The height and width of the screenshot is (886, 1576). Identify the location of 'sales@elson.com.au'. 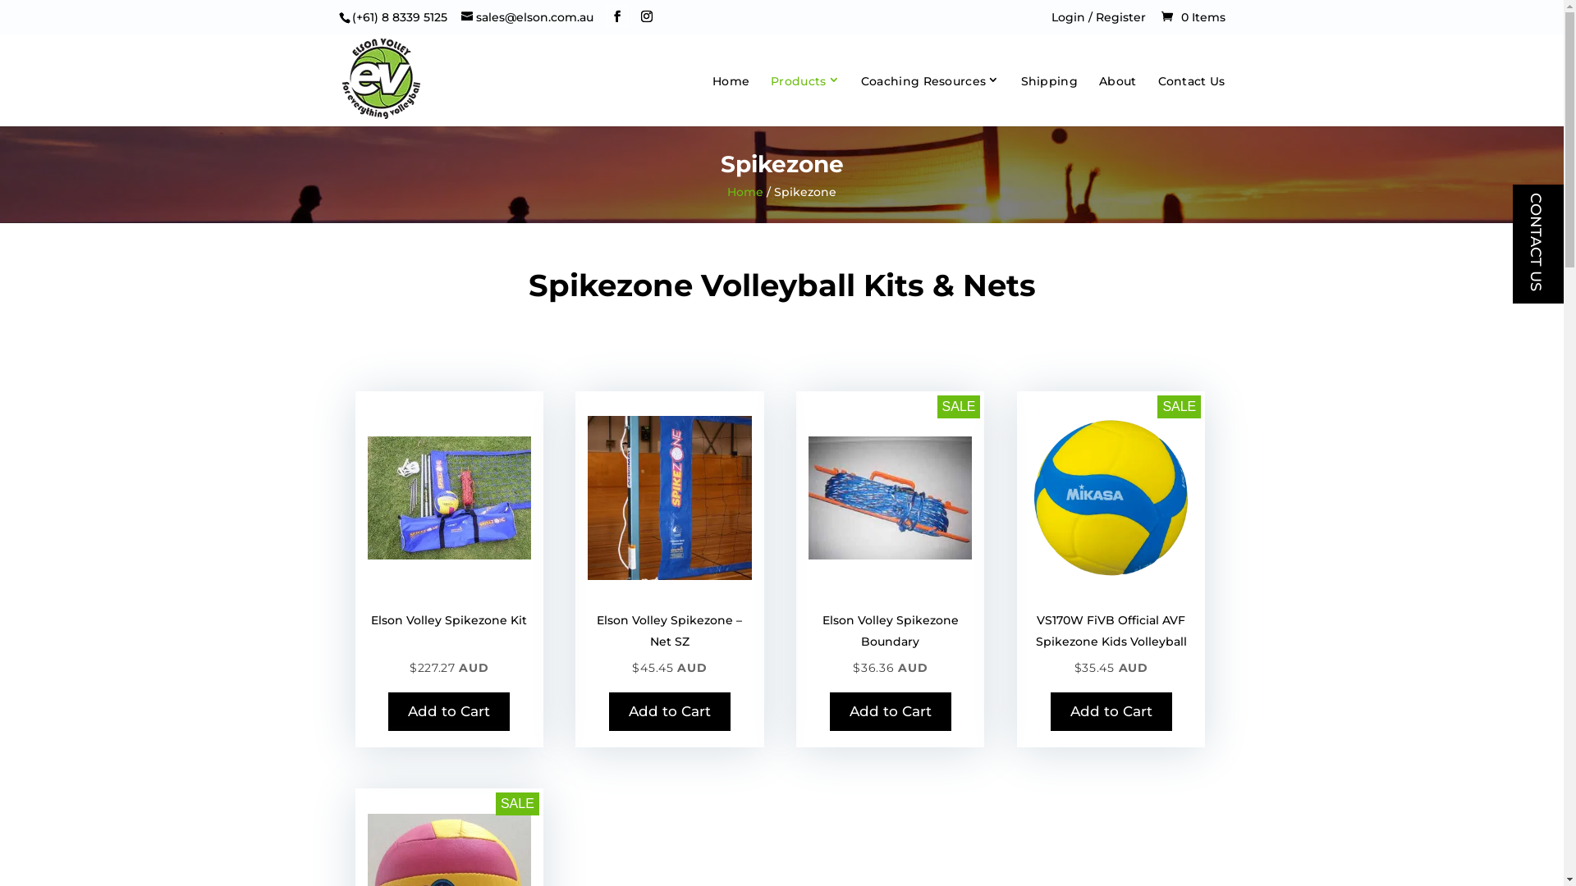
(527, 16).